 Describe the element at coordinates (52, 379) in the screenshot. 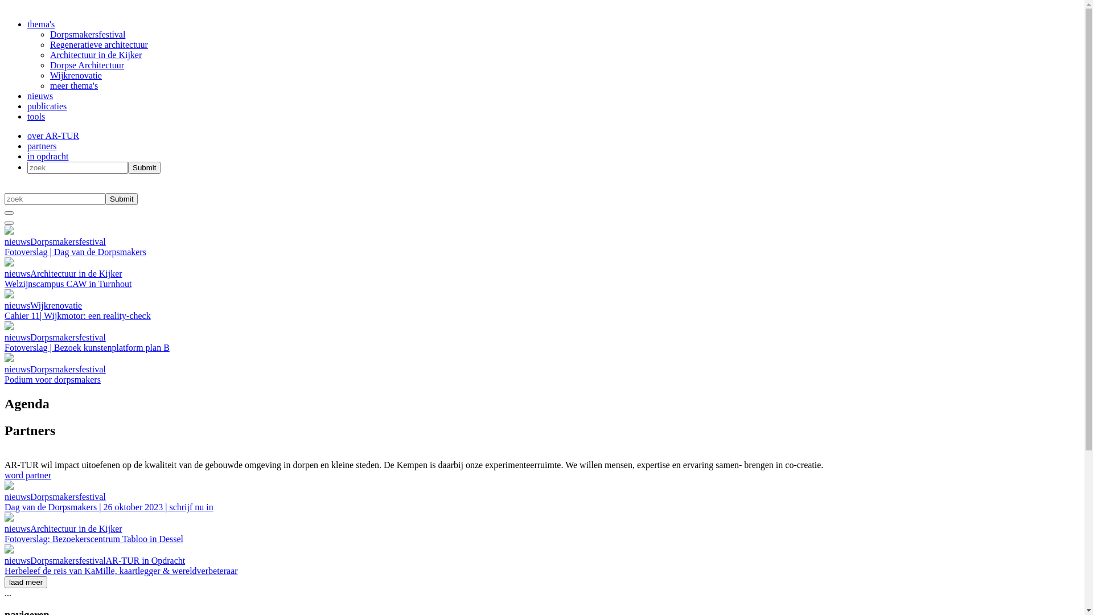

I see `'Podium voor dorpsmakers'` at that location.